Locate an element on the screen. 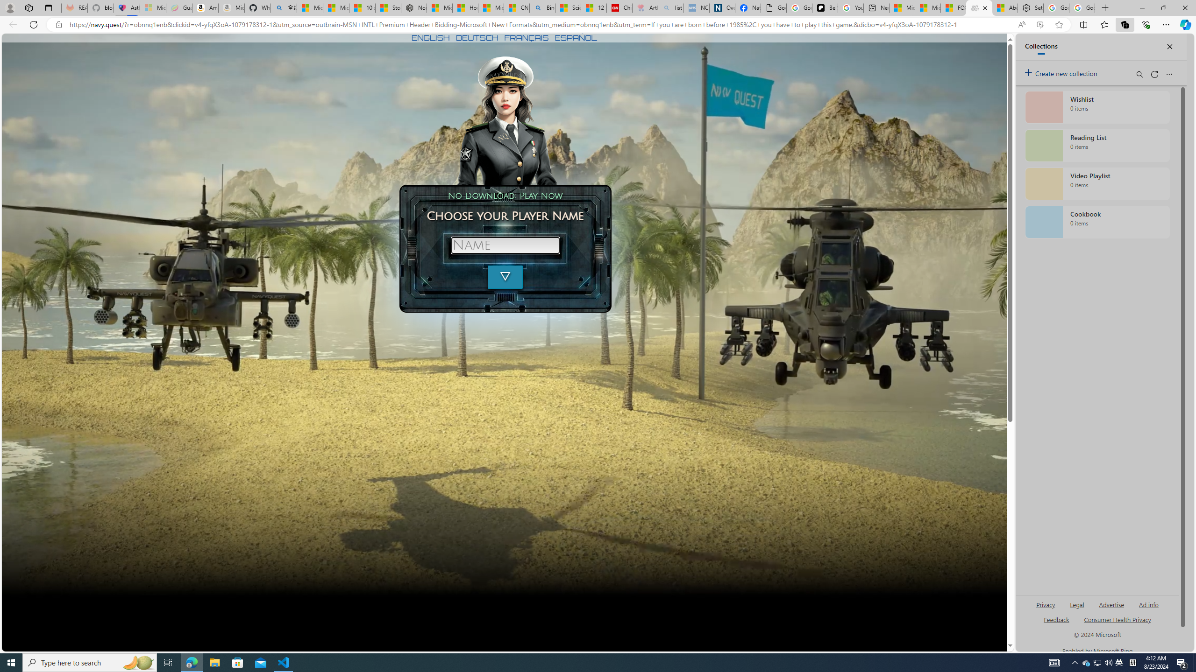 The height and width of the screenshot is (672, 1196). 'AutomationID: sb_feedback' is located at coordinates (1056, 618).